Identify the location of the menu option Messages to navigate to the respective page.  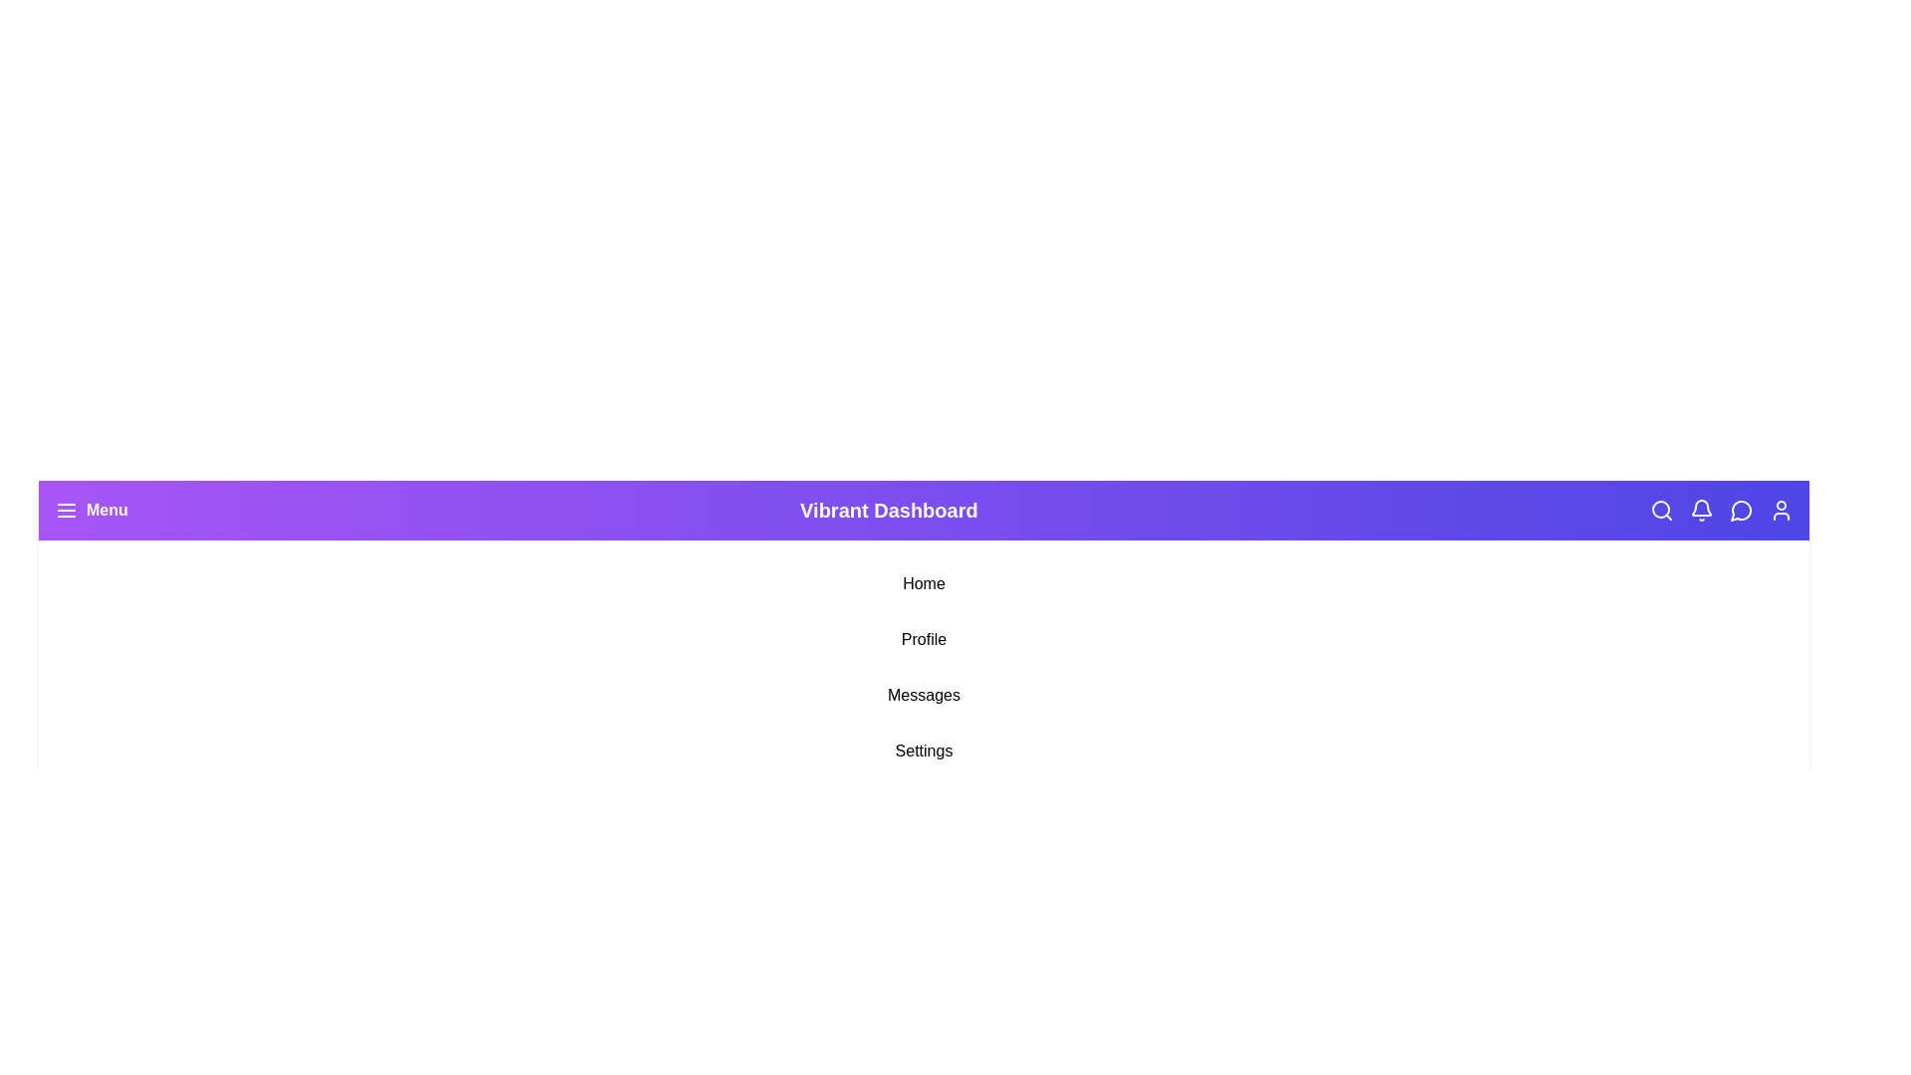
(923, 694).